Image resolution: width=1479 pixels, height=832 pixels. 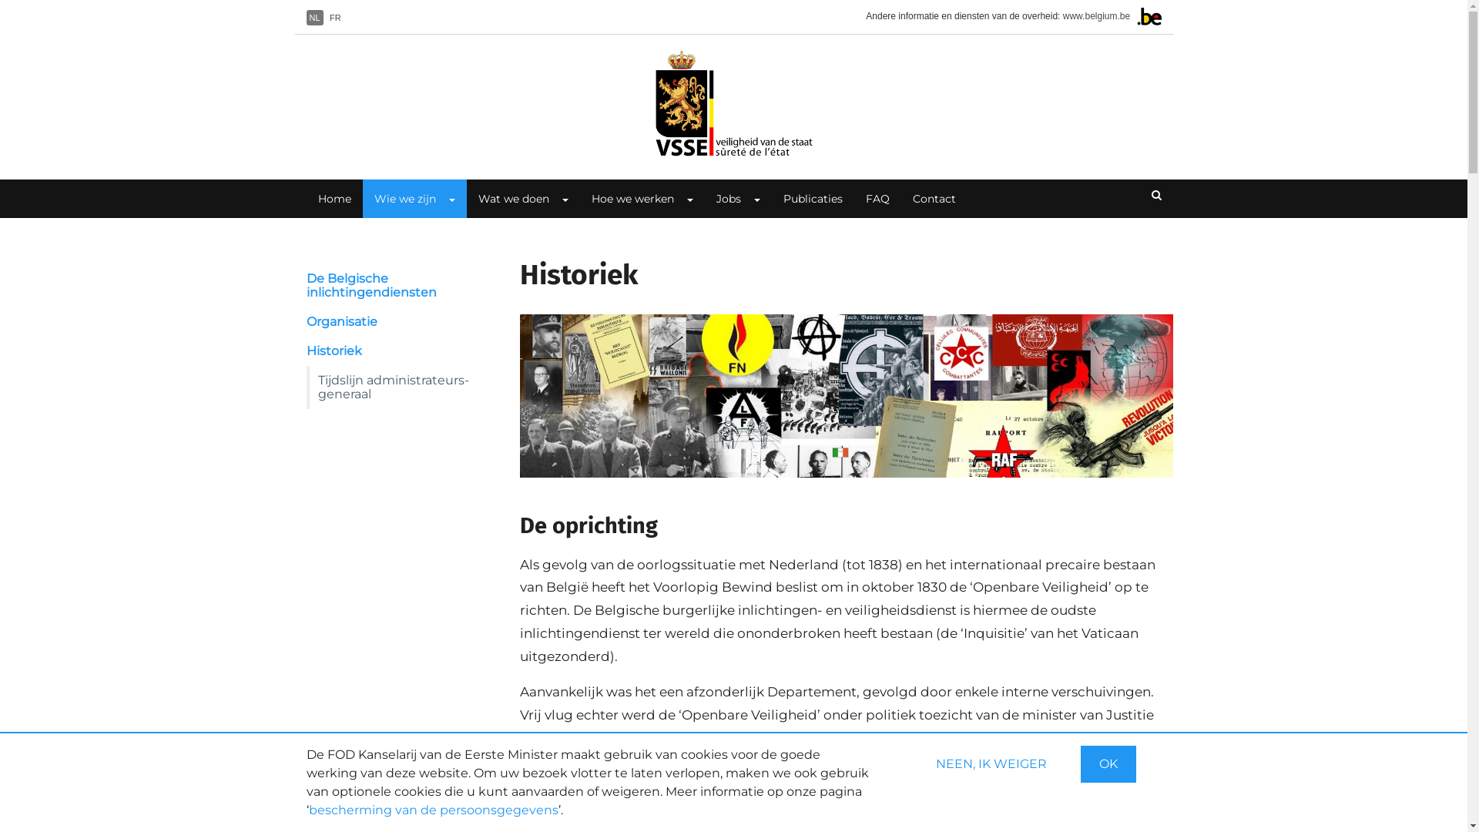 What do you see at coordinates (307, 386) in the screenshot?
I see `'Tijdslijn administrateurs-generaal'` at bounding box center [307, 386].